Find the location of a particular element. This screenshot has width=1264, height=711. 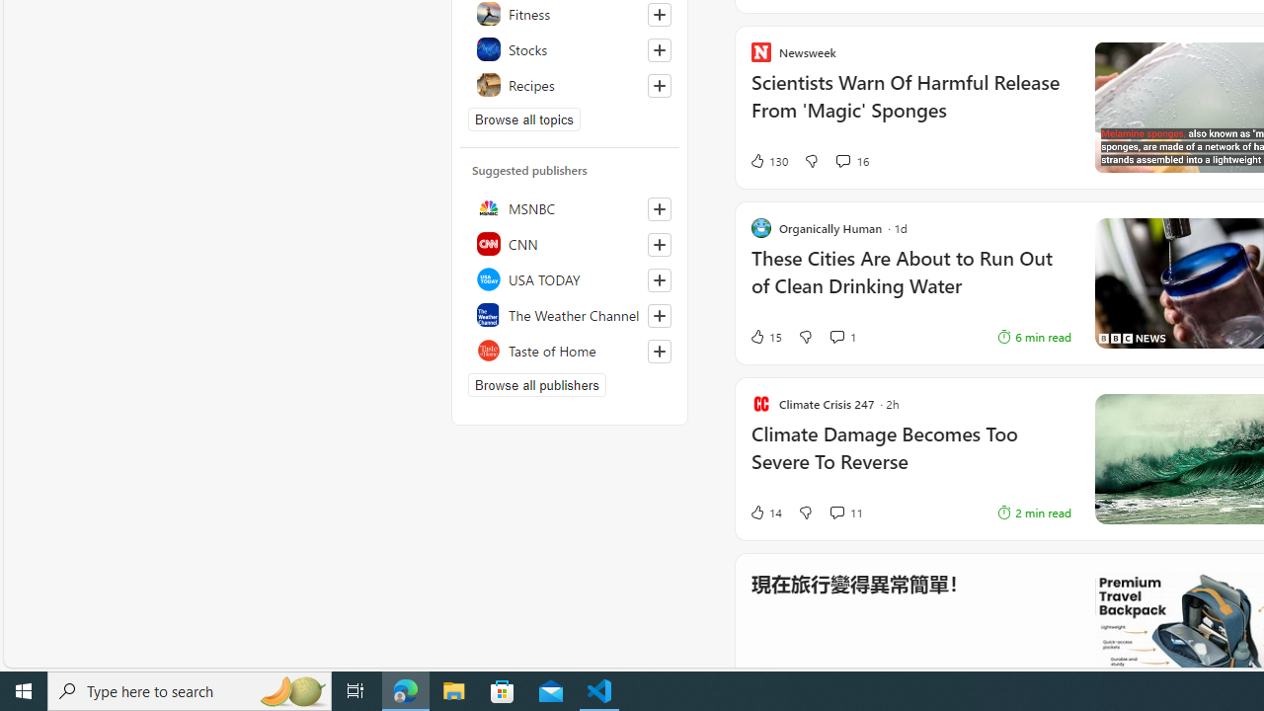

'14 Like' is located at coordinates (764, 512).